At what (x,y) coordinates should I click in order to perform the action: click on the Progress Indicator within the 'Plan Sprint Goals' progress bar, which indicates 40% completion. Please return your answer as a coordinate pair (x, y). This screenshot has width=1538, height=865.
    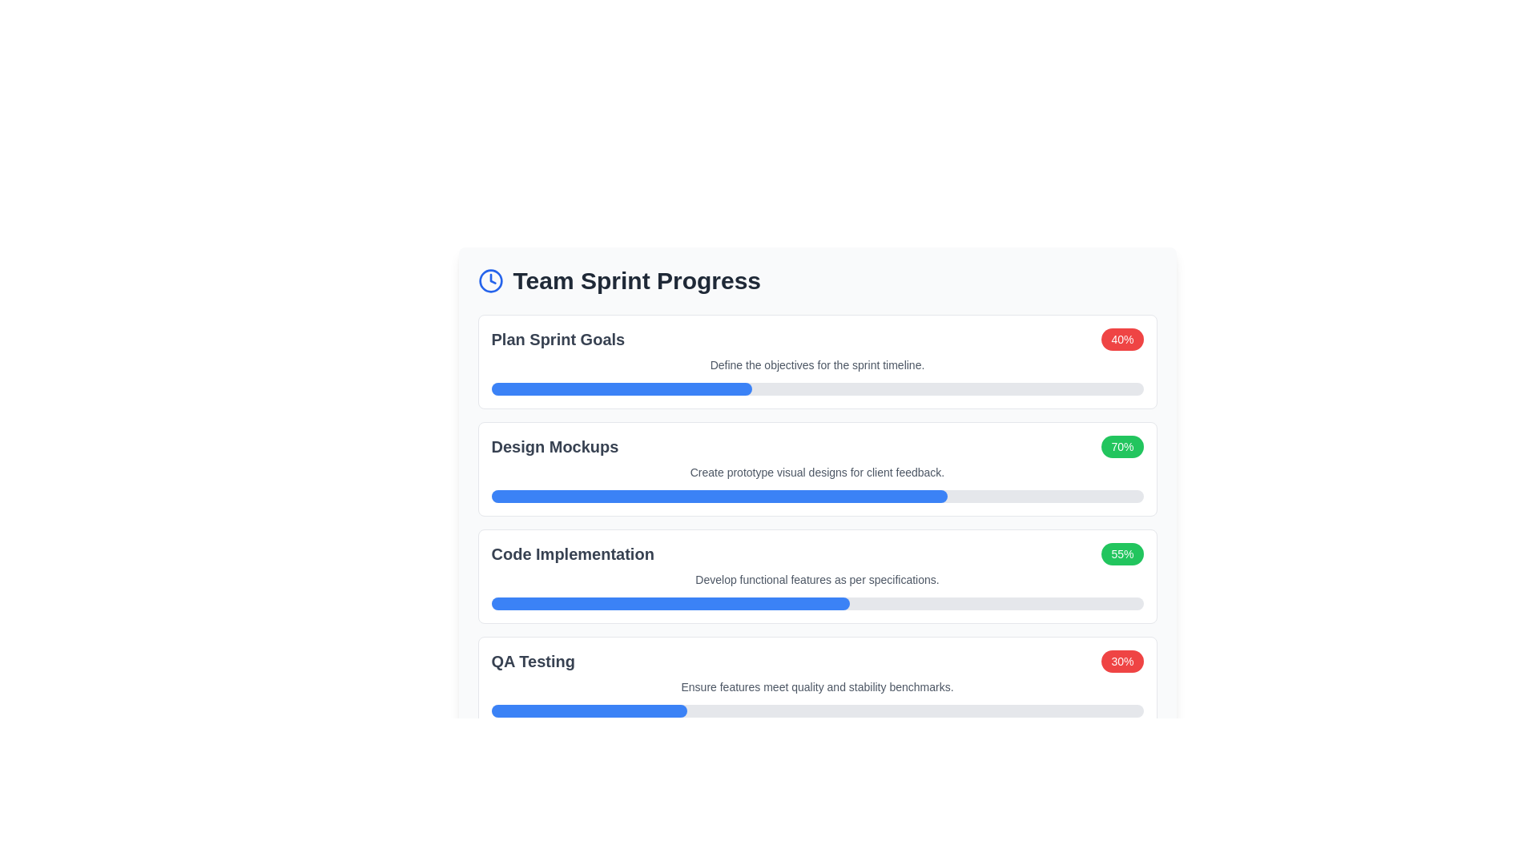
    Looking at the image, I should click on (621, 389).